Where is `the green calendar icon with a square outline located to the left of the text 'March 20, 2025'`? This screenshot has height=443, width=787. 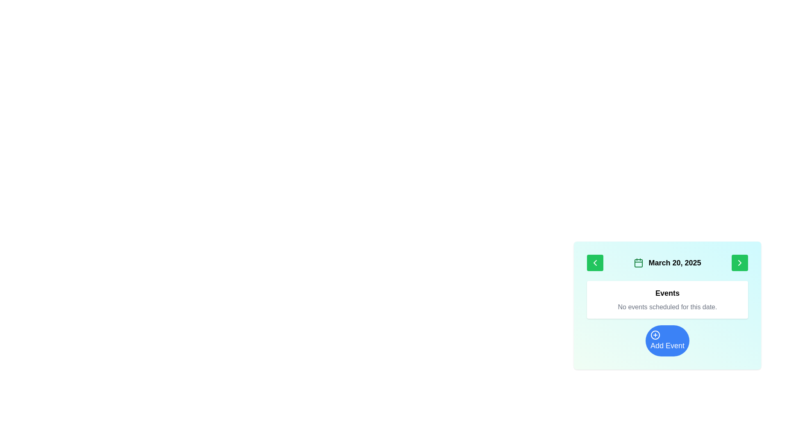 the green calendar icon with a square outline located to the left of the text 'March 20, 2025' is located at coordinates (638, 263).